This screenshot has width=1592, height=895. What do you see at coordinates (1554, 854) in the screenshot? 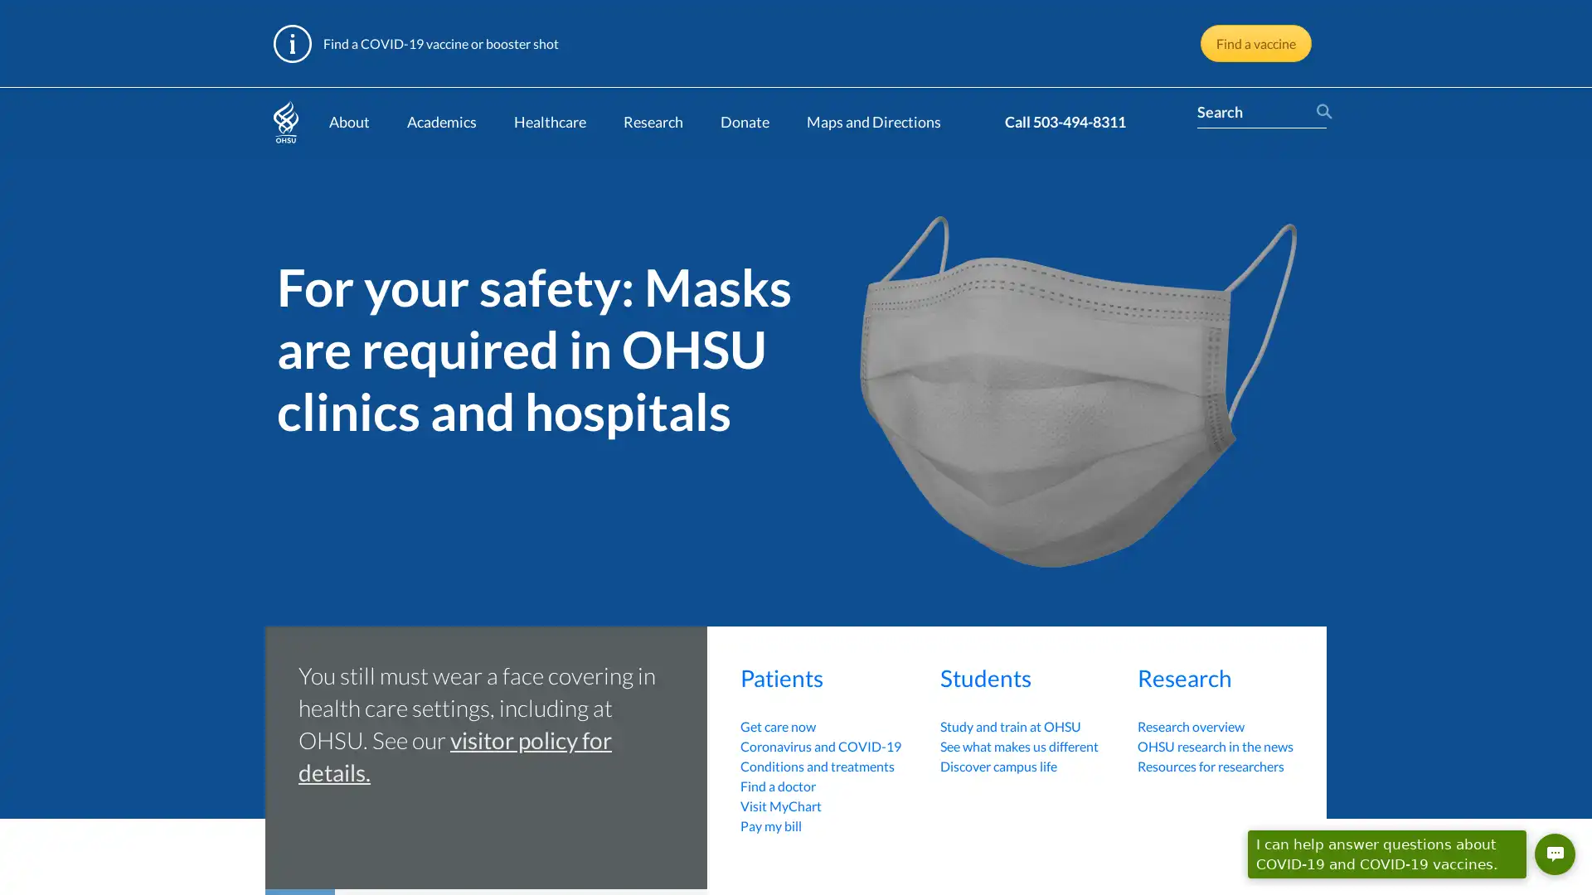
I see `Open Webchat` at bounding box center [1554, 854].